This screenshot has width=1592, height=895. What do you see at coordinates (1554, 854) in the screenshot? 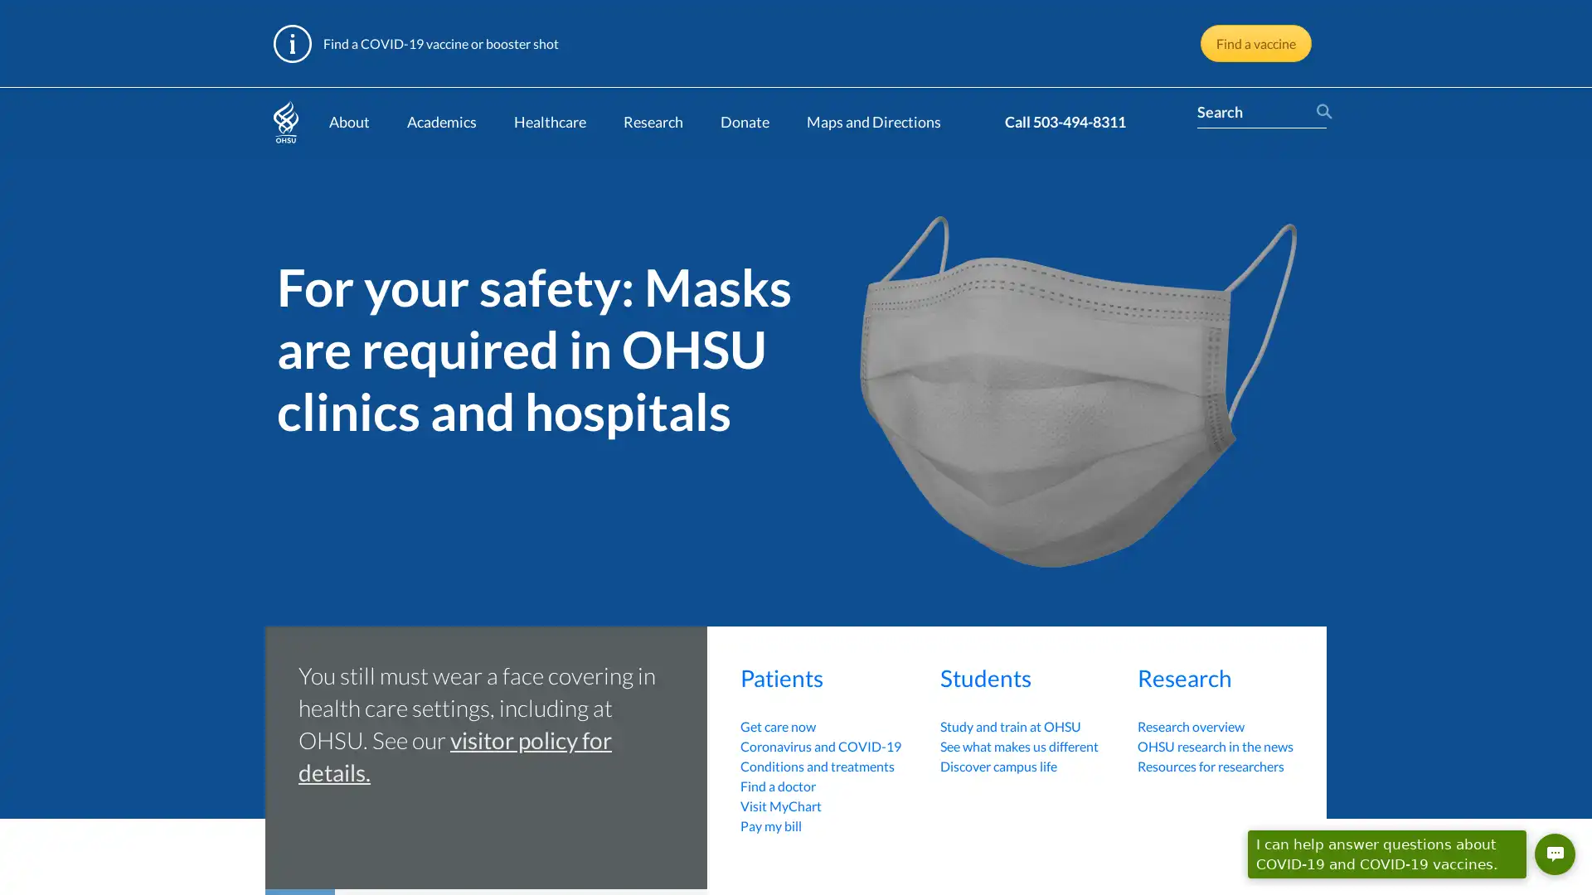
I see `Open Webchat` at bounding box center [1554, 854].